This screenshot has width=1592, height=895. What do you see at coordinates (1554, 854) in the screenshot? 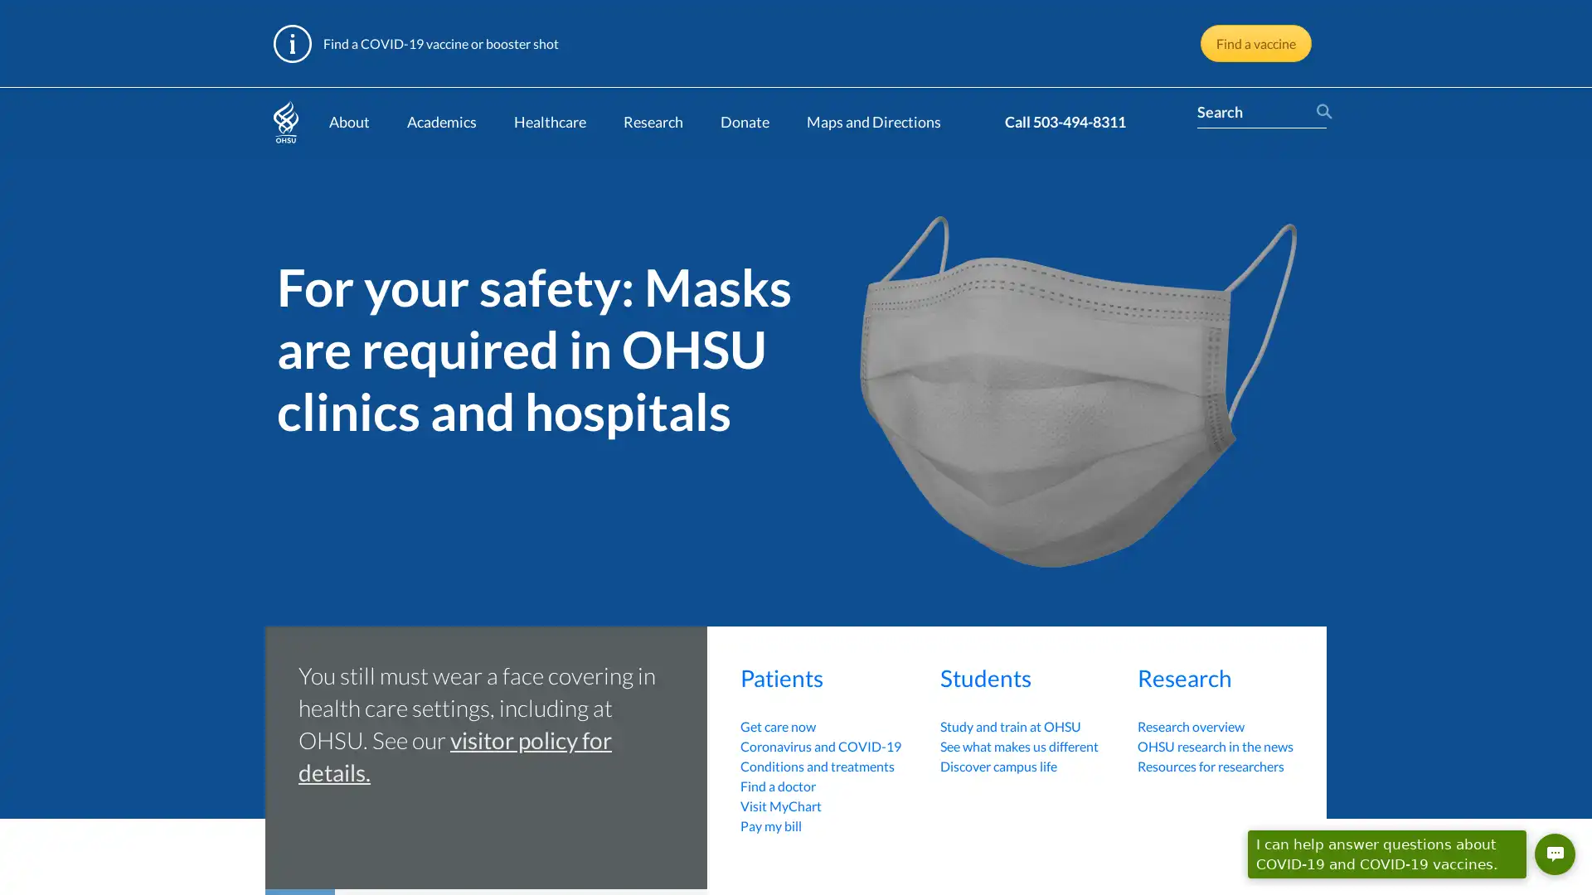
I see `Open Webchat` at bounding box center [1554, 854].